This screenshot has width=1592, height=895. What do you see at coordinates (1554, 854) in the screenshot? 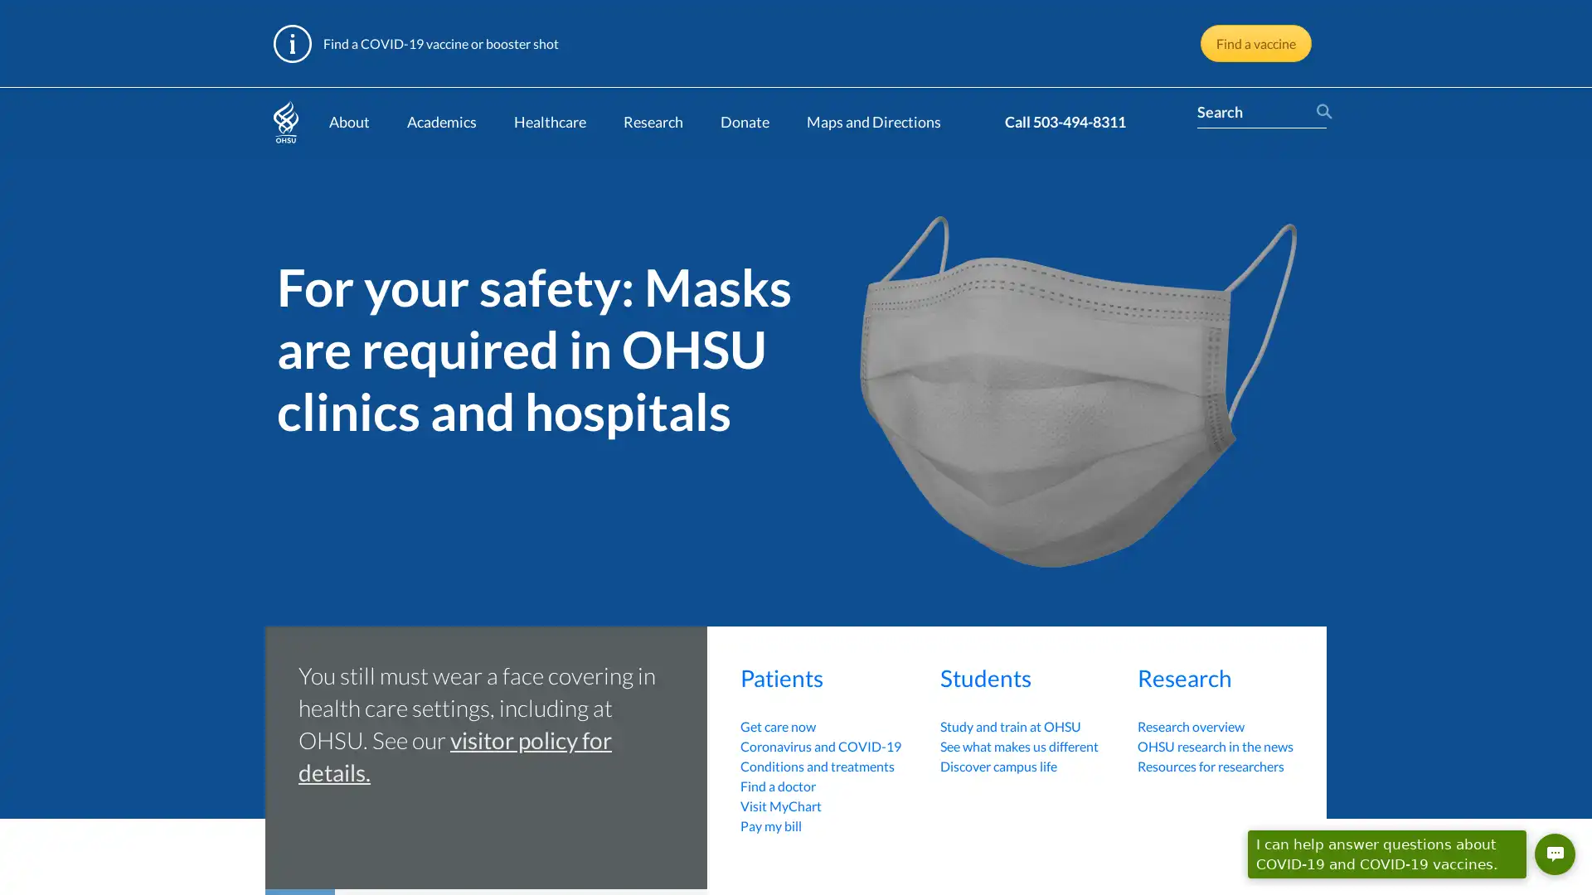
I see `Open Webchat` at bounding box center [1554, 854].